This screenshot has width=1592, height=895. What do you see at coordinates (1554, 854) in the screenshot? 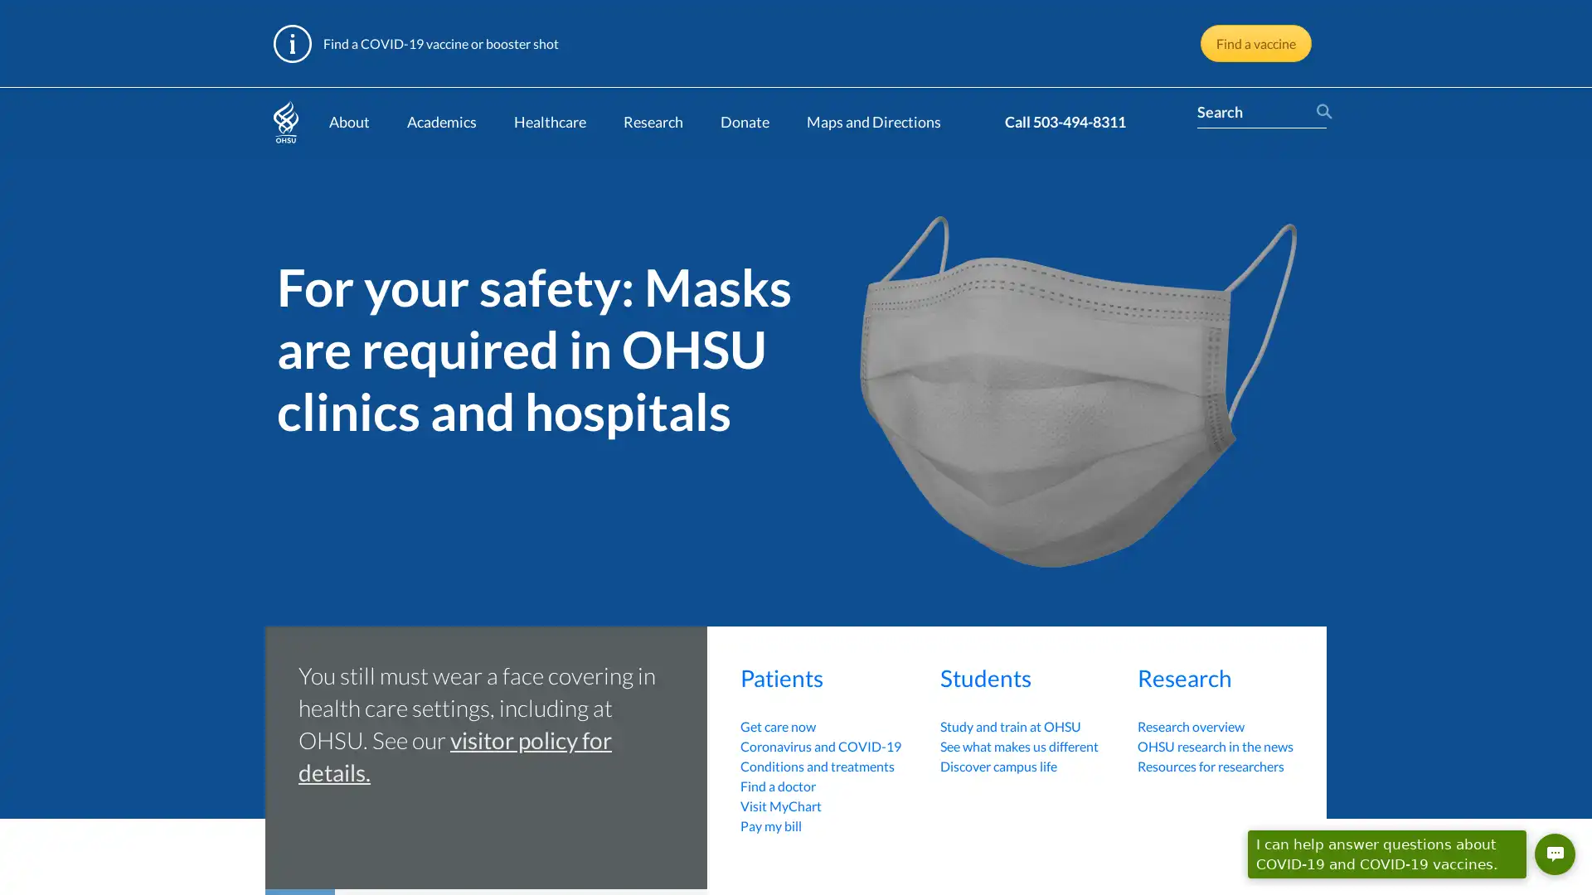
I see `Open Webchat` at bounding box center [1554, 854].